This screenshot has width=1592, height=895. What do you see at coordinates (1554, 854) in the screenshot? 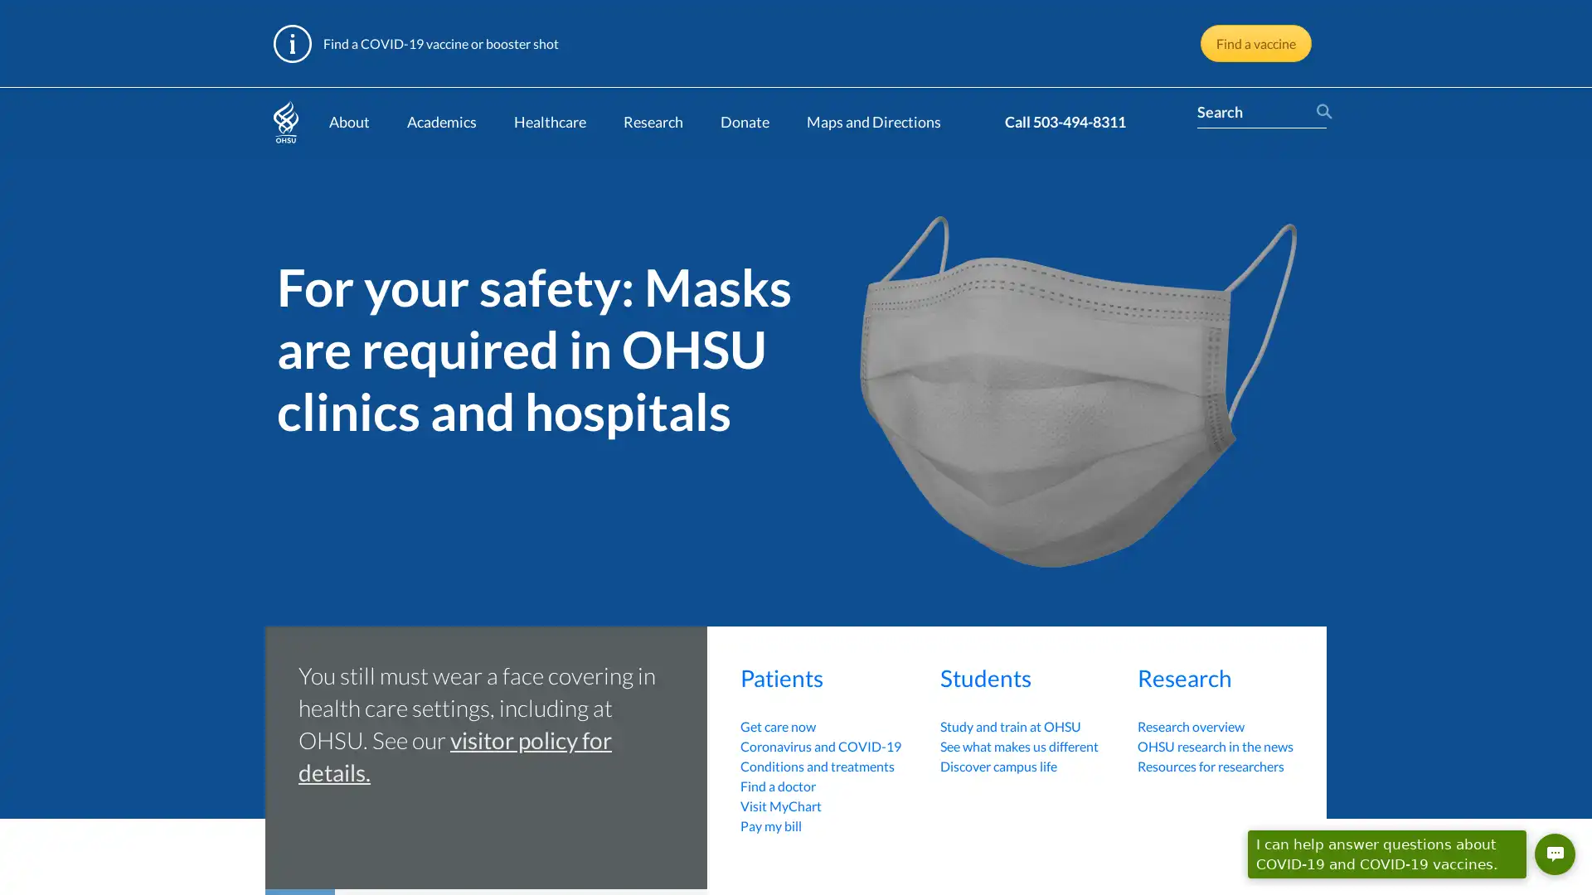
I see `Open Webchat` at bounding box center [1554, 854].